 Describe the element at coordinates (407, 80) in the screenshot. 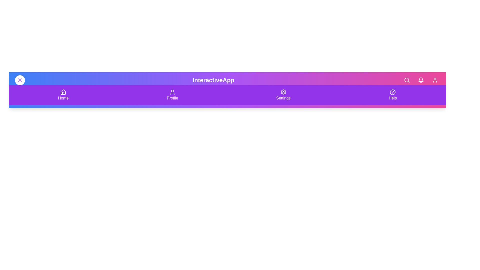

I see `the search button in the navigation bar` at that location.